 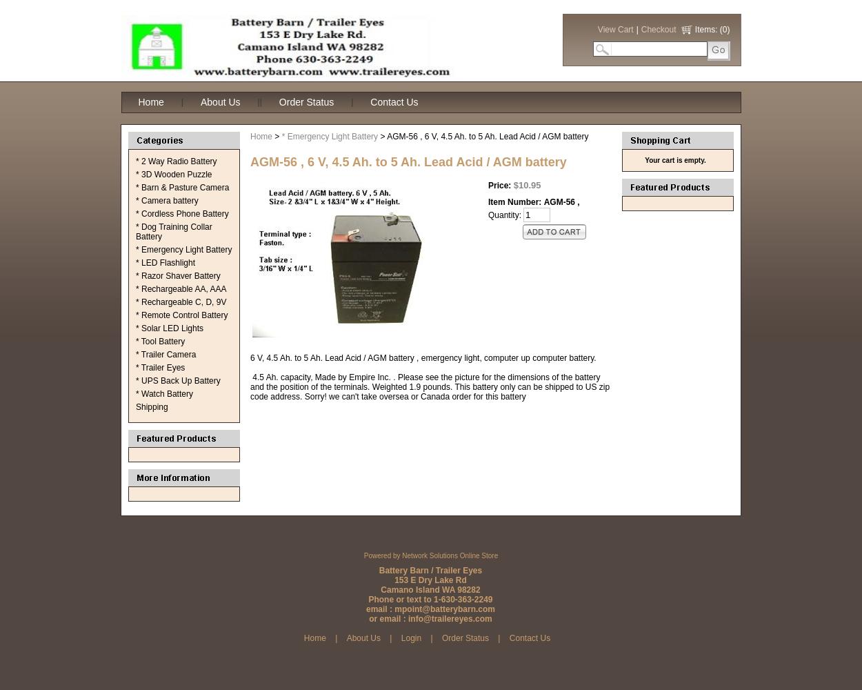 What do you see at coordinates (169, 328) in the screenshot?
I see `'* Solar LED Lights'` at bounding box center [169, 328].